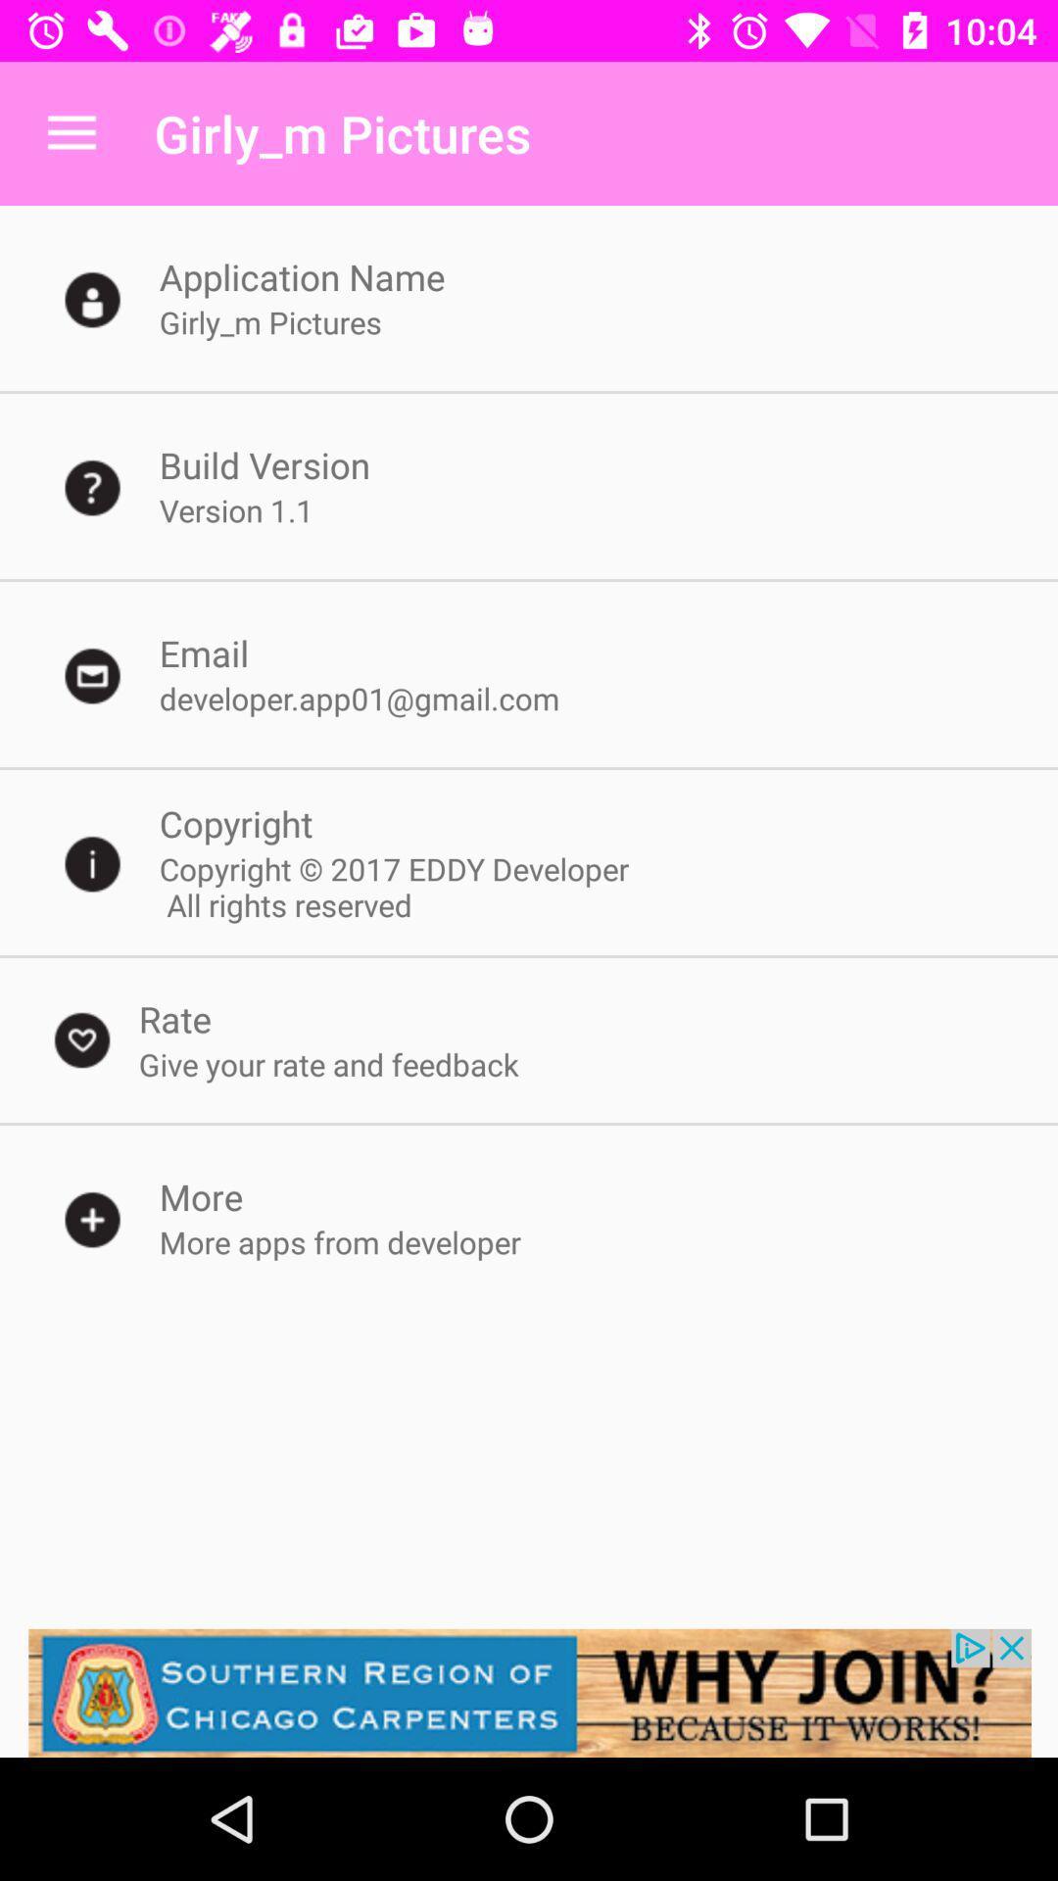 The height and width of the screenshot is (1881, 1058). I want to click on open advertisement, so click(529, 1692).